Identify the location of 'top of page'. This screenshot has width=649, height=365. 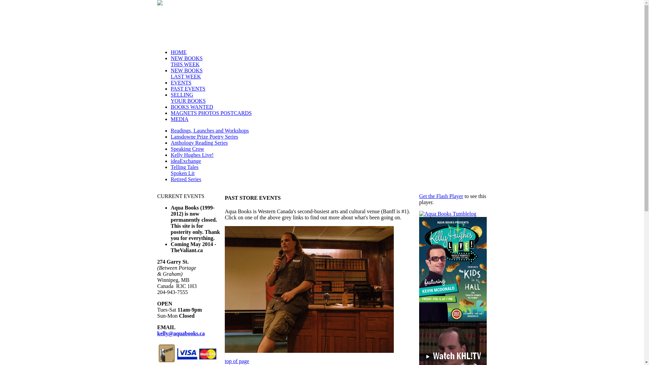
(225, 361).